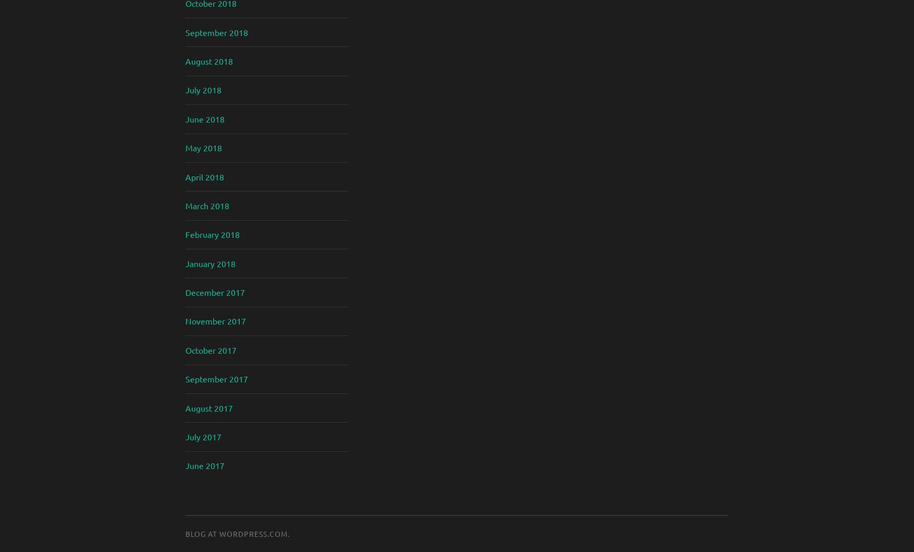 The height and width of the screenshot is (552, 914). I want to click on 'September 2017', so click(216, 378).